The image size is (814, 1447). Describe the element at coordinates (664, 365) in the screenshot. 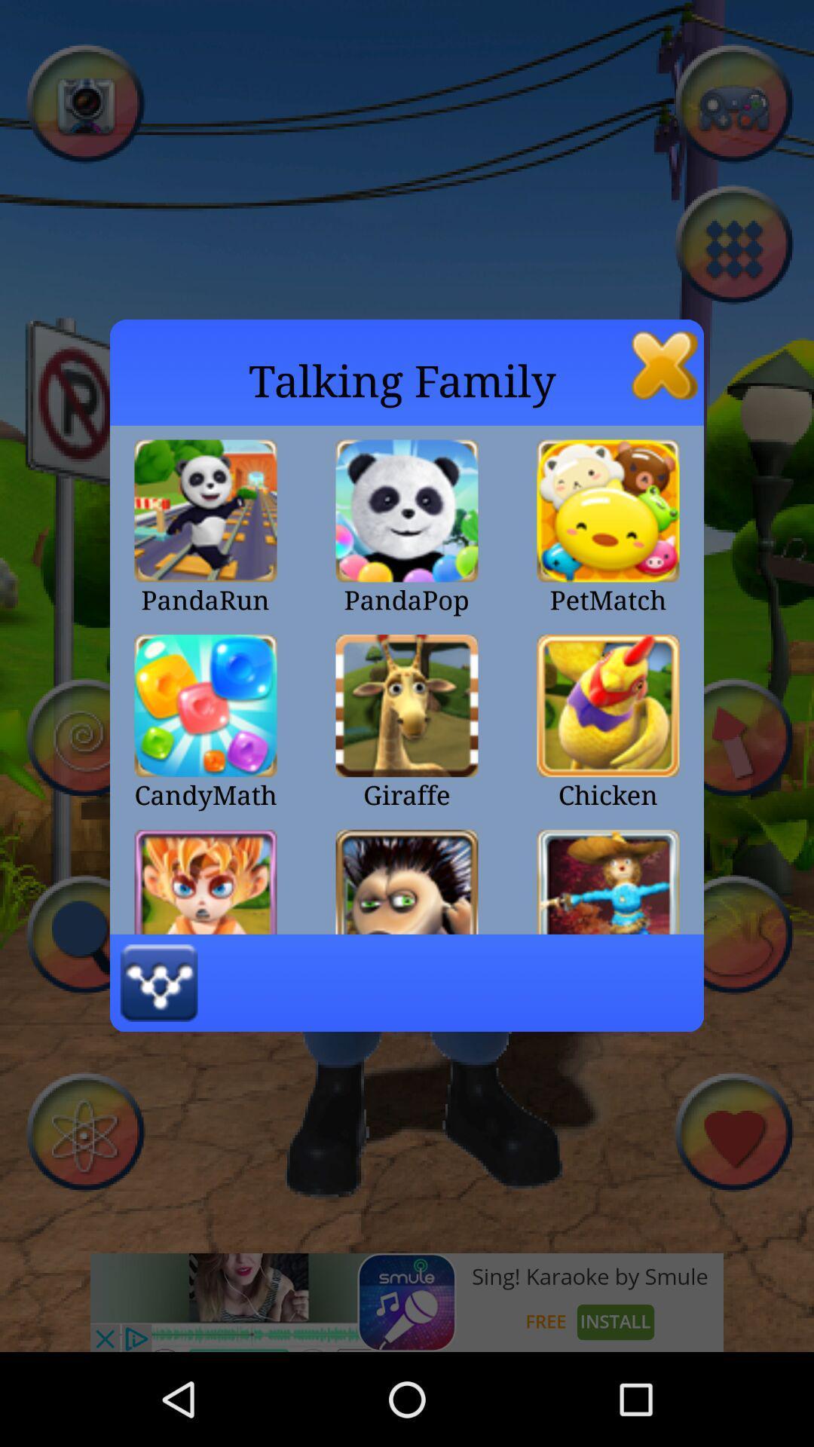

I see `the app to the right of the talking family icon` at that location.